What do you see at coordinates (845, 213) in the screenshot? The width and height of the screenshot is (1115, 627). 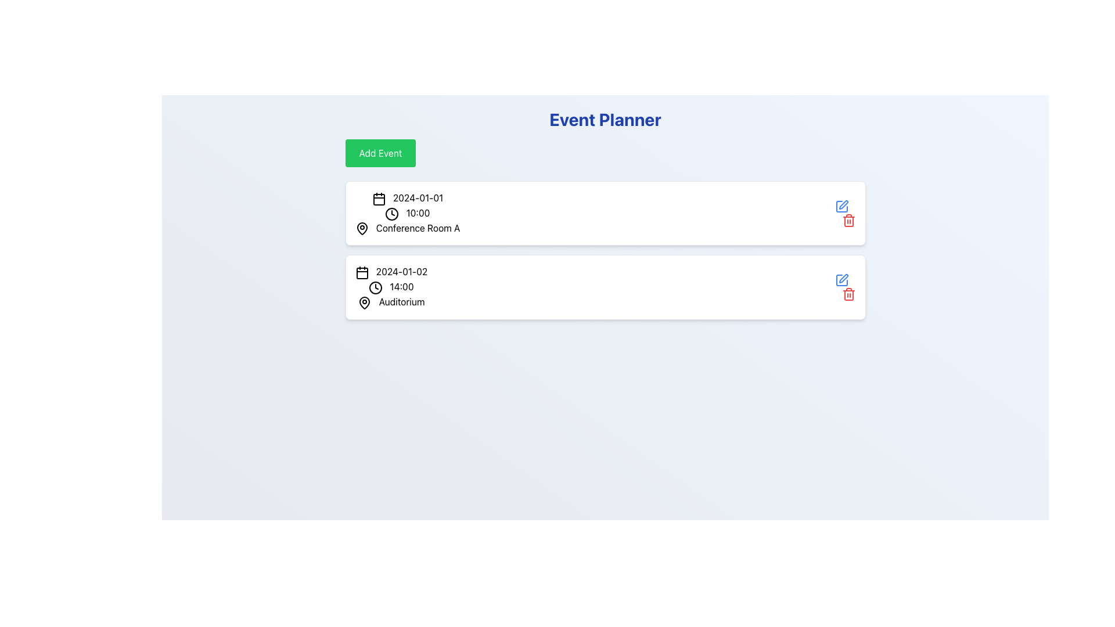 I see `the small blue pen icon button located in the upper right corner of the white rounded rectangle containing the text '2024-01-01 10:00 Conference Room A' to initiate the editing interface` at bounding box center [845, 213].